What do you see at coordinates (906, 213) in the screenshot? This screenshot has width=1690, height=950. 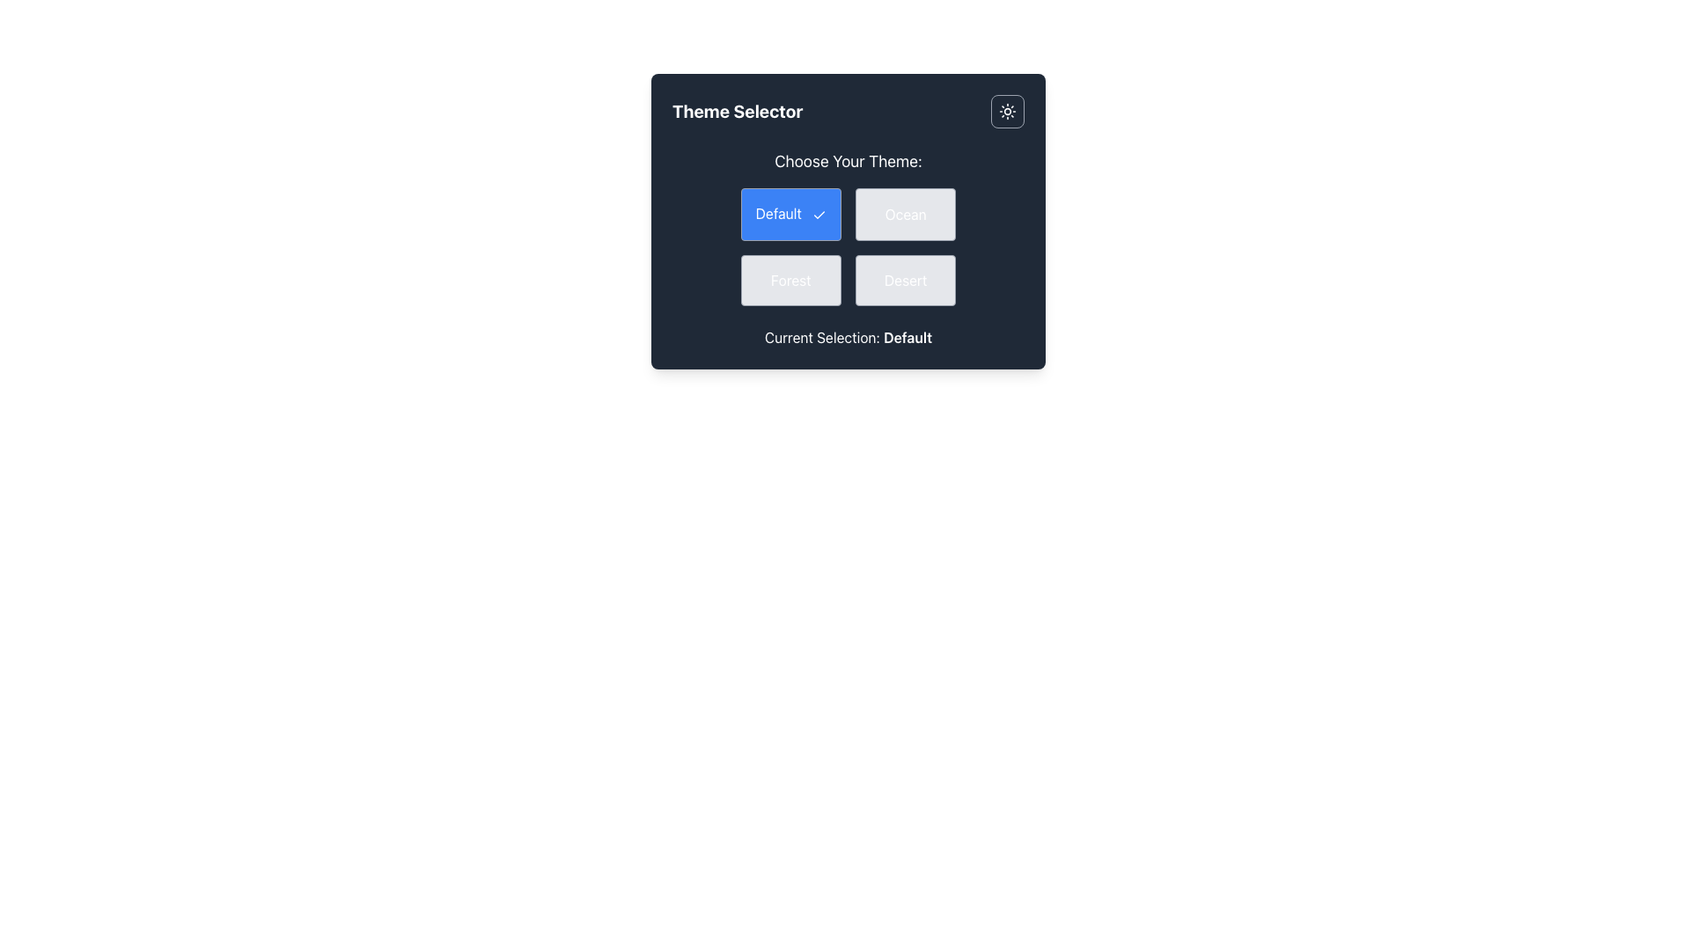 I see `the 'Ocean' theme button located in the second column of the first row in the grid layout` at bounding box center [906, 213].